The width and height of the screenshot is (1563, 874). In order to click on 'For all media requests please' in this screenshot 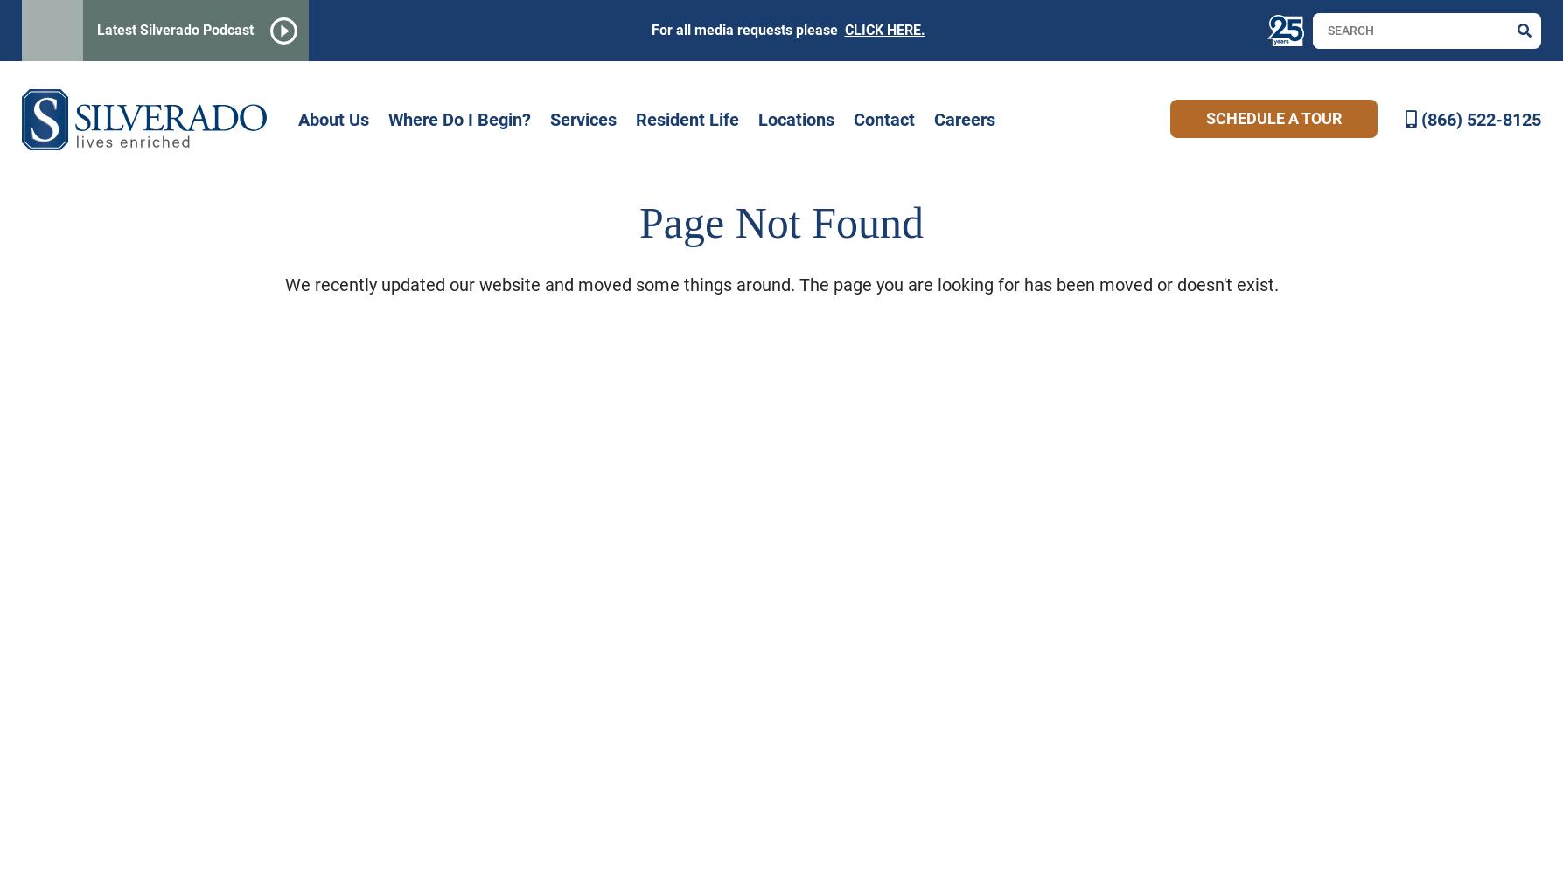, I will do `click(747, 30)`.